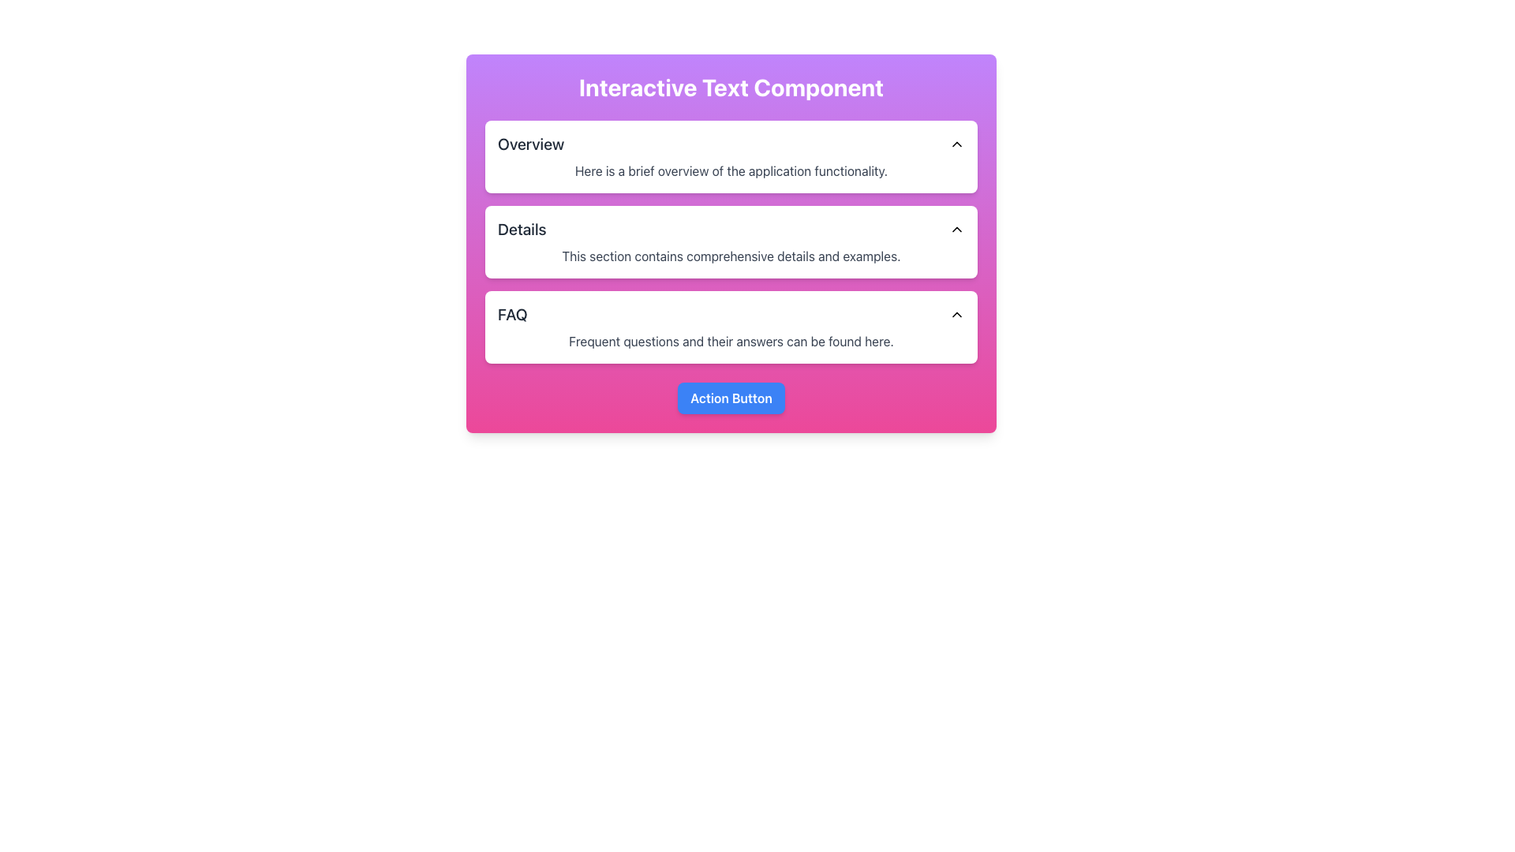 This screenshot has width=1515, height=852. What do you see at coordinates (730, 157) in the screenshot?
I see `displayed information in the Expandable Panel titled 'Overview', which includes a subtitle about the application functionality` at bounding box center [730, 157].